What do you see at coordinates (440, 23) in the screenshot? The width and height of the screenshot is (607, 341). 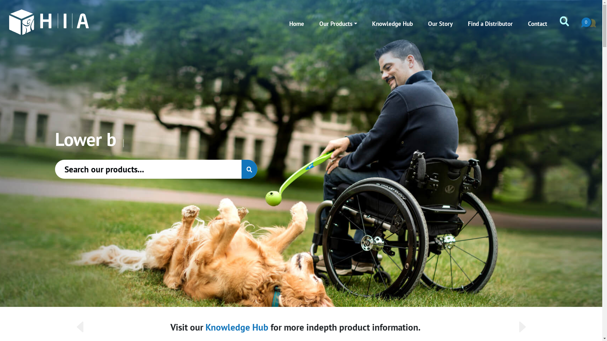 I see `'Our Story'` at bounding box center [440, 23].